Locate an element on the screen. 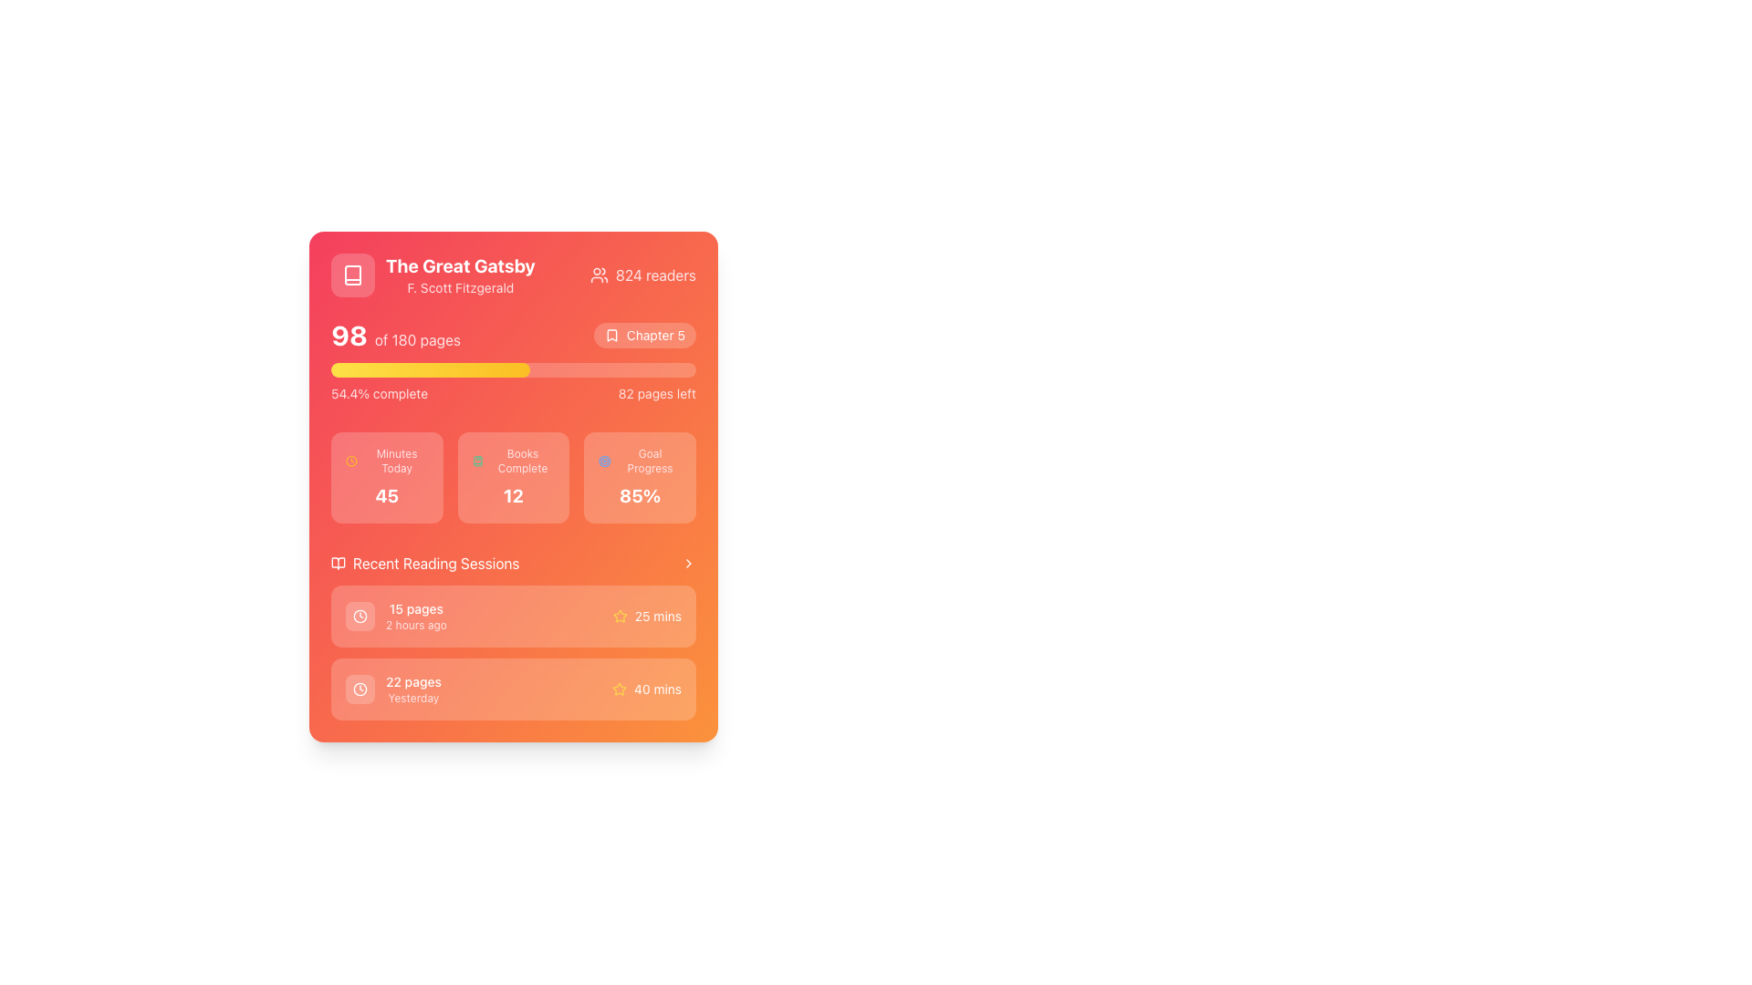 The image size is (1752, 985). displayed text '45' from the bold, white-colored text element on a subdued red background located in the 'Minutes Today' card section is located at coordinates (386, 495).